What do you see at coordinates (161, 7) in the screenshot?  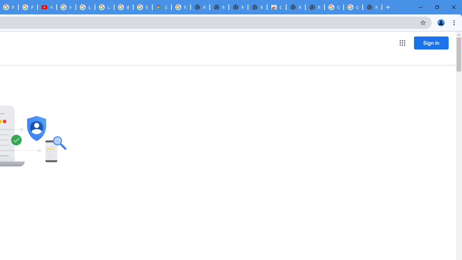 I see `'Google Maps'` at bounding box center [161, 7].